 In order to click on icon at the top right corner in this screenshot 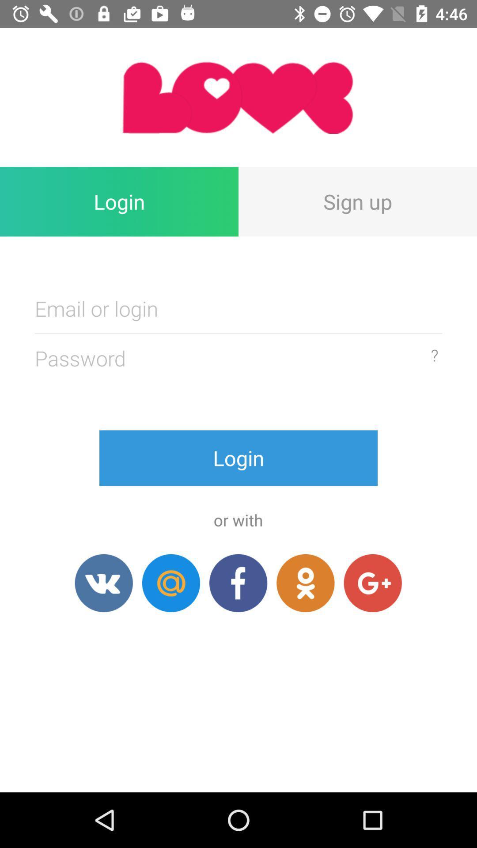, I will do `click(358, 201)`.